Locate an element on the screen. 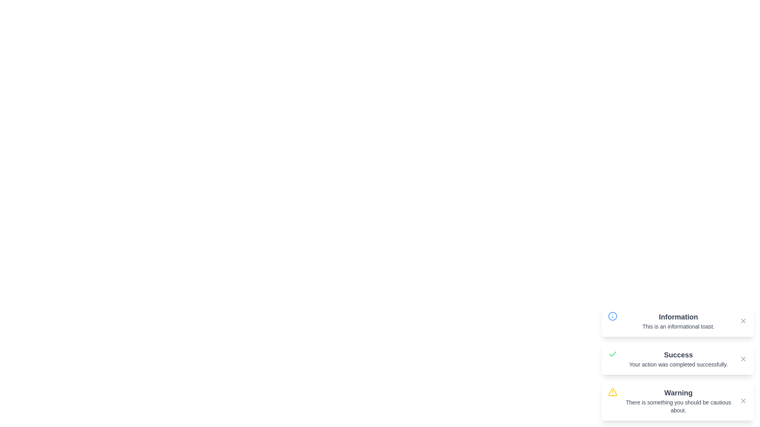 Image resolution: width=760 pixels, height=427 pixels. the triangular warning icon with a yellow border and an exclamation mark, which is the third item in the vertical stack of notification messages on the right side of the interface is located at coordinates (612, 392).